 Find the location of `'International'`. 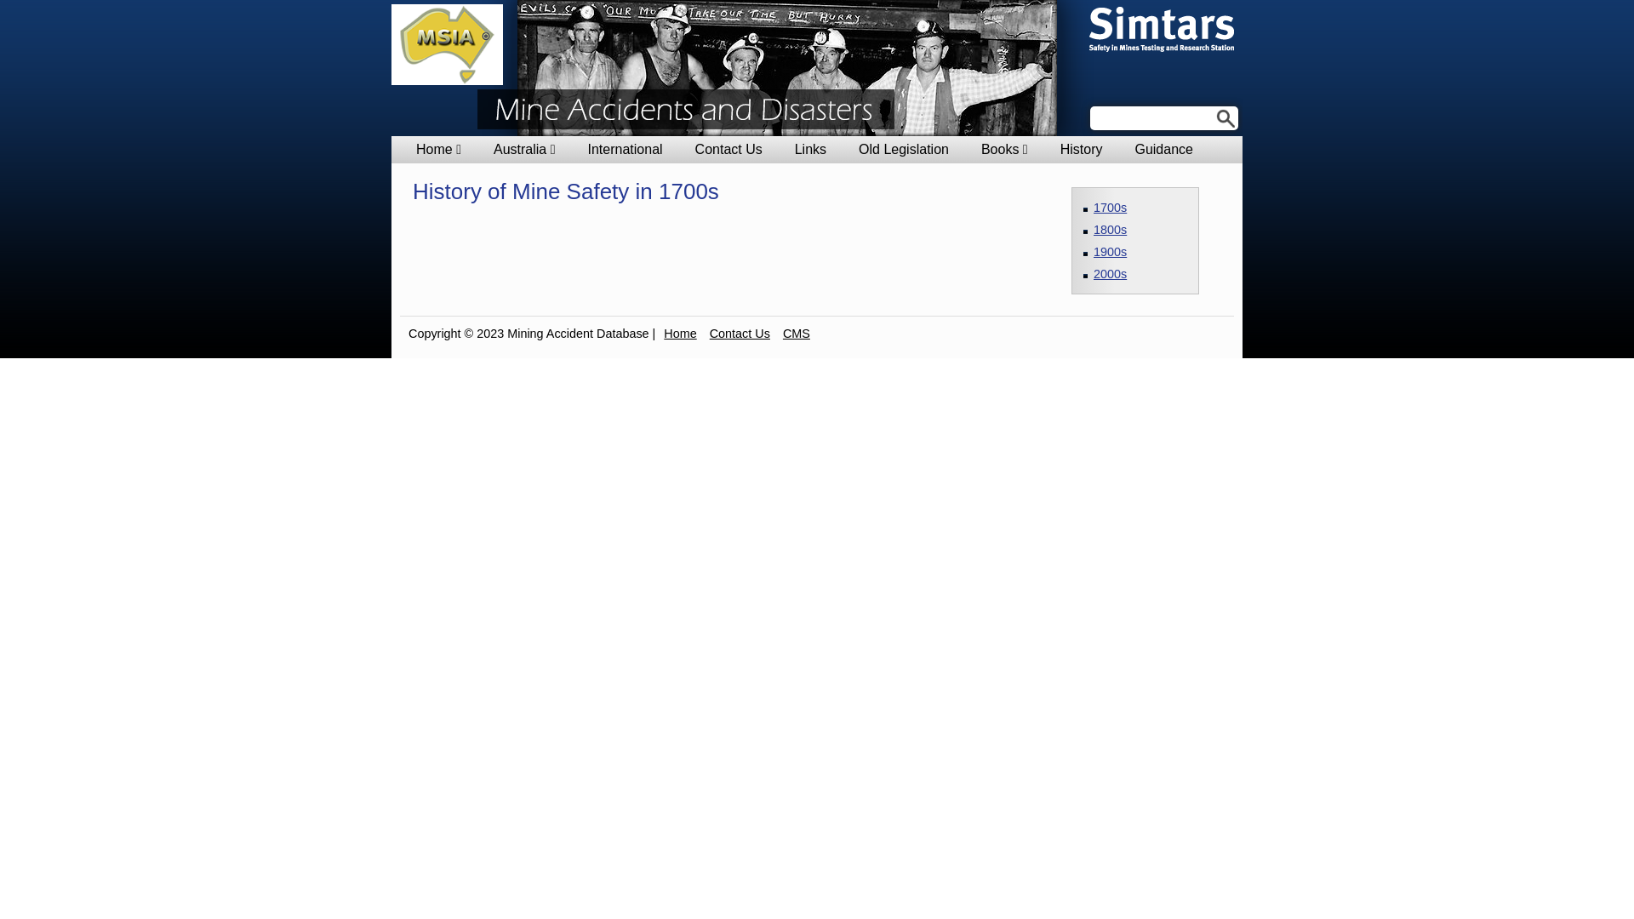

'International' is located at coordinates (624, 149).